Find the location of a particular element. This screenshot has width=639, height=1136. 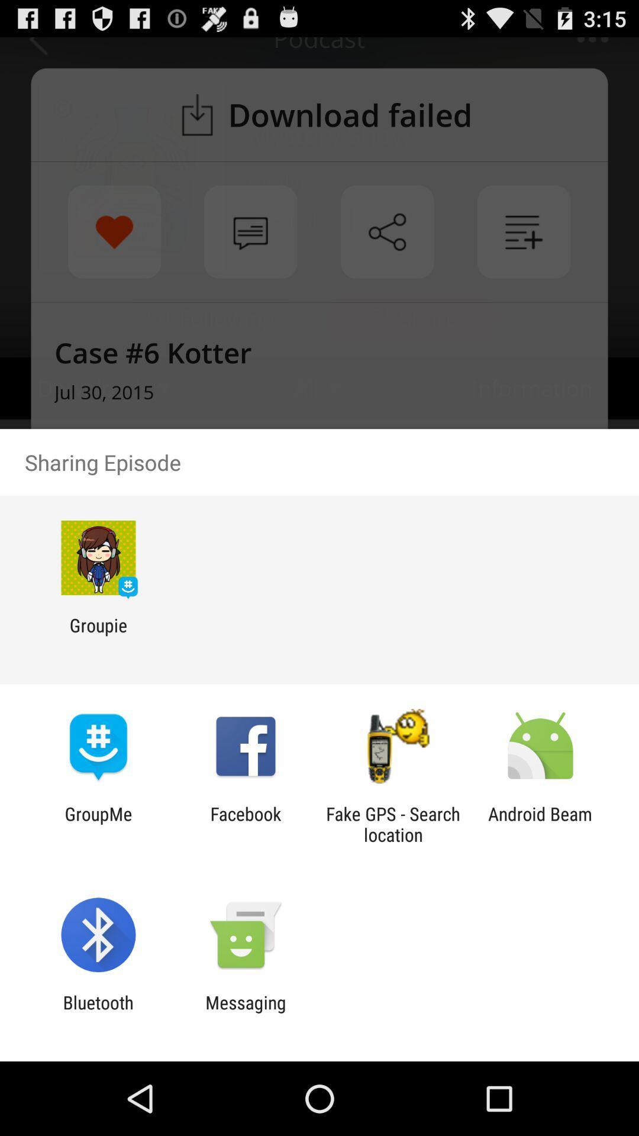

fake gps search item is located at coordinates (393, 824).